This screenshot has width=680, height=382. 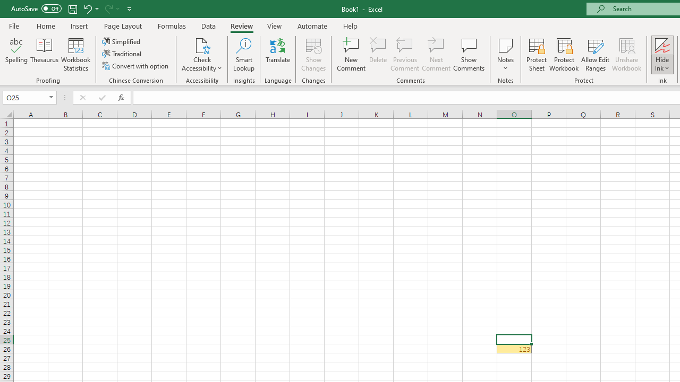 I want to click on 'Automate', so click(x=312, y=25).